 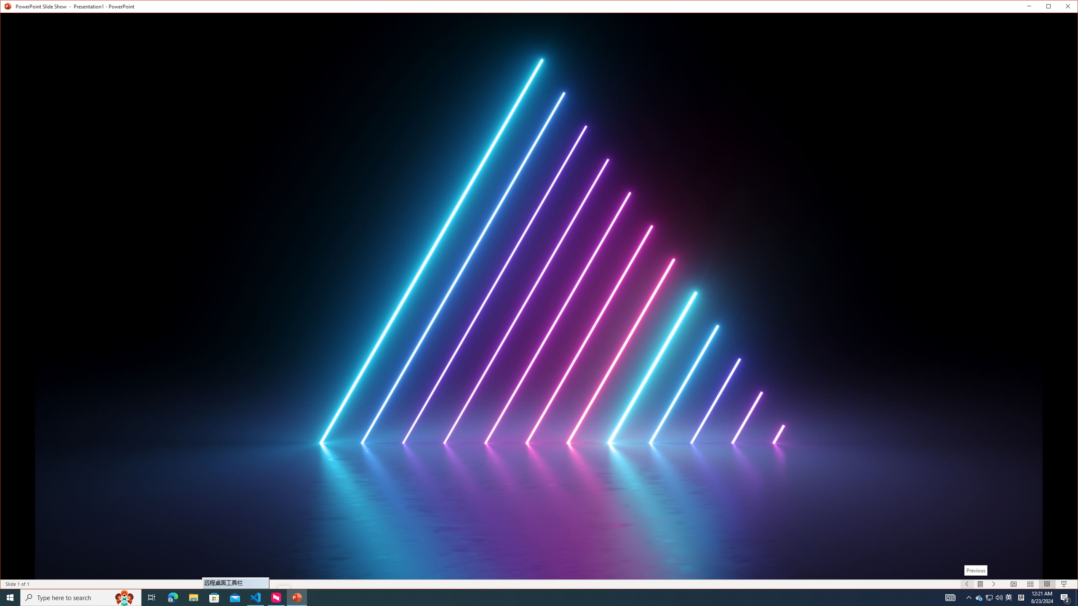 What do you see at coordinates (989, 597) in the screenshot?
I see `'Slide Show Next On'` at bounding box center [989, 597].